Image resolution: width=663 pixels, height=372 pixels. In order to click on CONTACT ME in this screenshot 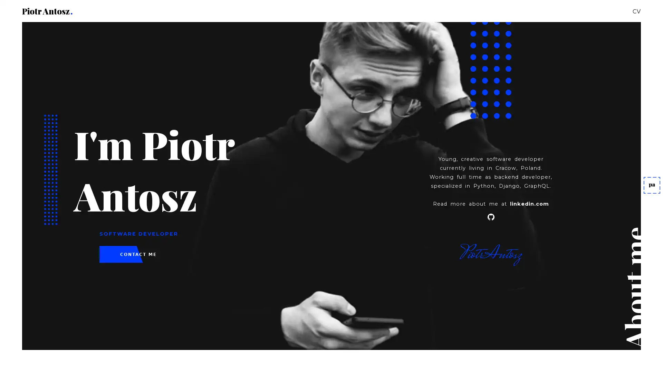, I will do `click(138, 254)`.